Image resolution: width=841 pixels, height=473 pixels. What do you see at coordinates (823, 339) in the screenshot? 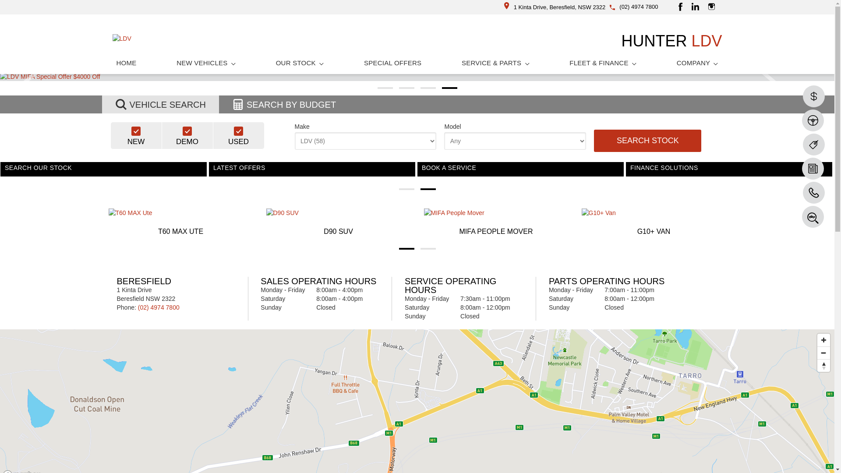
I see `'Zoom in'` at bounding box center [823, 339].